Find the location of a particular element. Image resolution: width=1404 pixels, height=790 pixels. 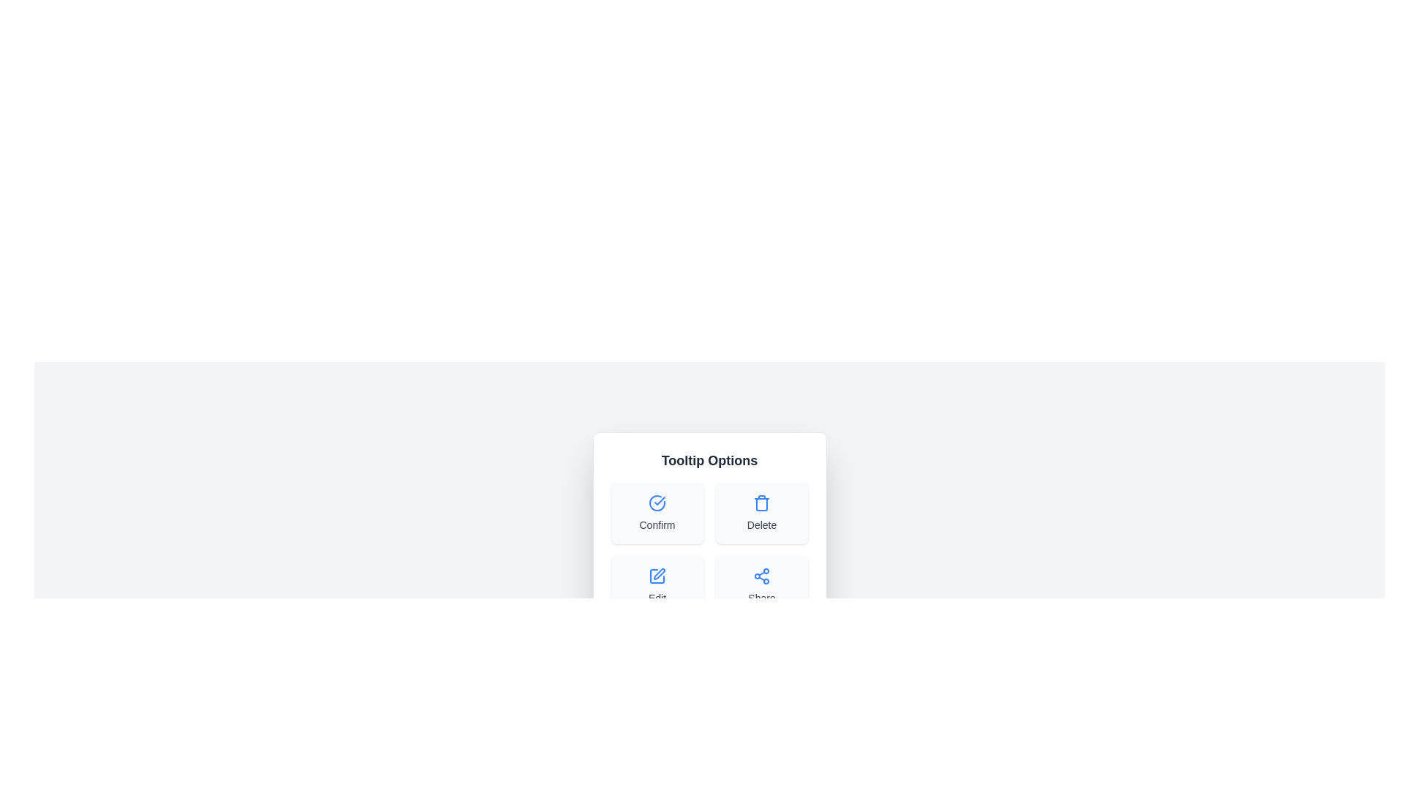

the button located at the bottom-right of the grid layout is located at coordinates (760, 586).